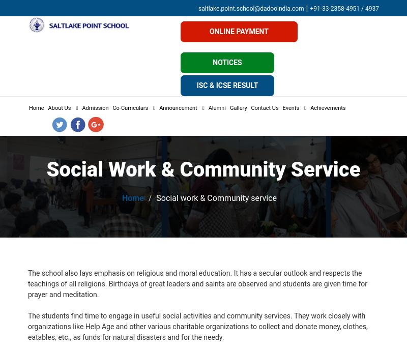  What do you see at coordinates (327, 108) in the screenshot?
I see `'Achievements'` at bounding box center [327, 108].